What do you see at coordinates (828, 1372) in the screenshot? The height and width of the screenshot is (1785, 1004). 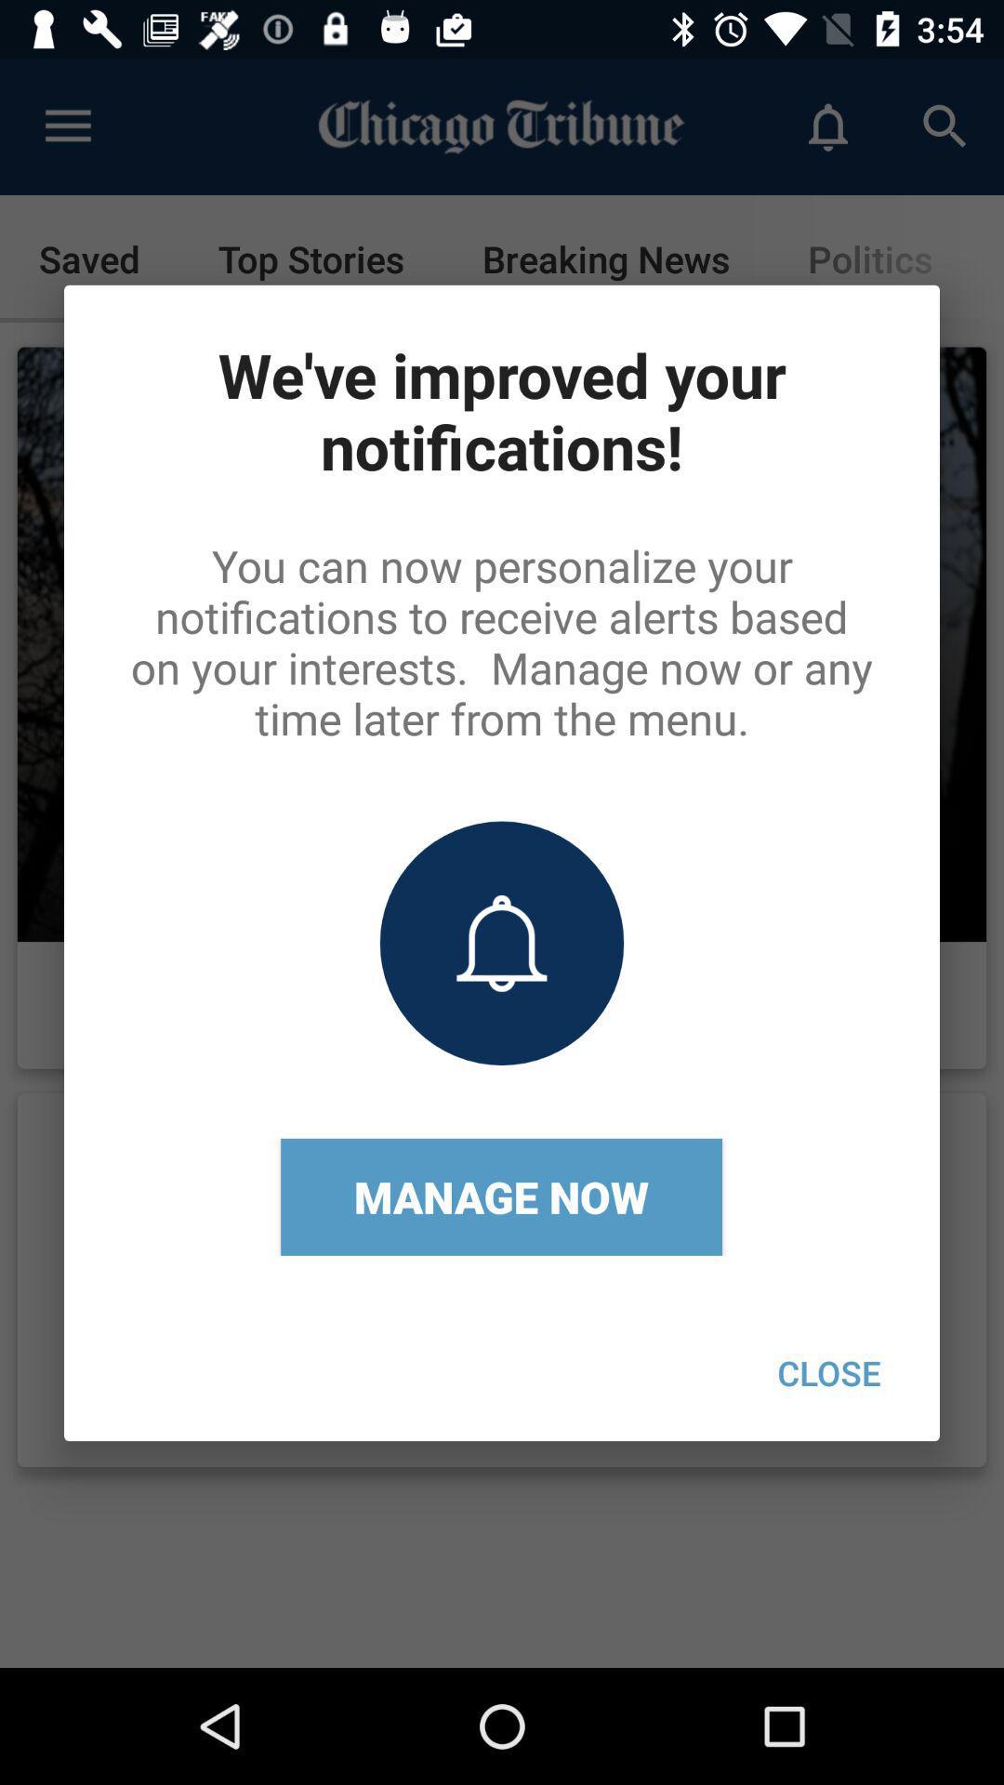 I see `the item below the you can now icon` at bounding box center [828, 1372].